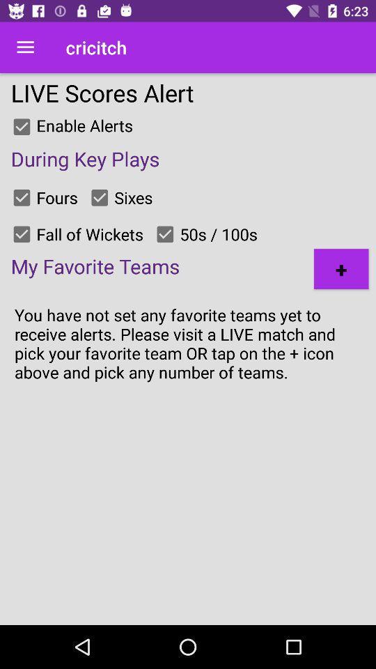 Image resolution: width=376 pixels, height=669 pixels. What do you see at coordinates (165, 234) in the screenshot?
I see `the item to the left of 50s / 100s item` at bounding box center [165, 234].